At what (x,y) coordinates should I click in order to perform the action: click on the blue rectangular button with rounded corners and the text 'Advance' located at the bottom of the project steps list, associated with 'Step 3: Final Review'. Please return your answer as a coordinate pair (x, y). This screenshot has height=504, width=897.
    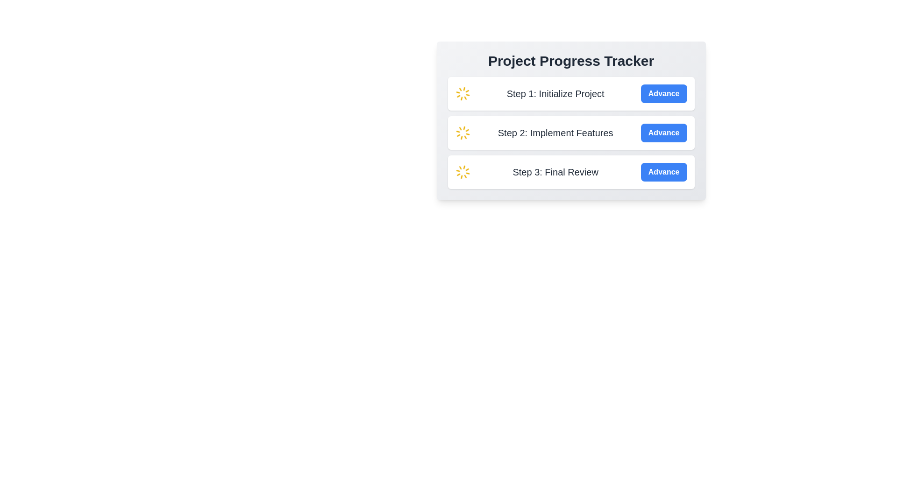
    Looking at the image, I should click on (663, 172).